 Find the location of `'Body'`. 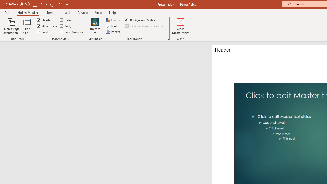

'Body' is located at coordinates (65, 26).